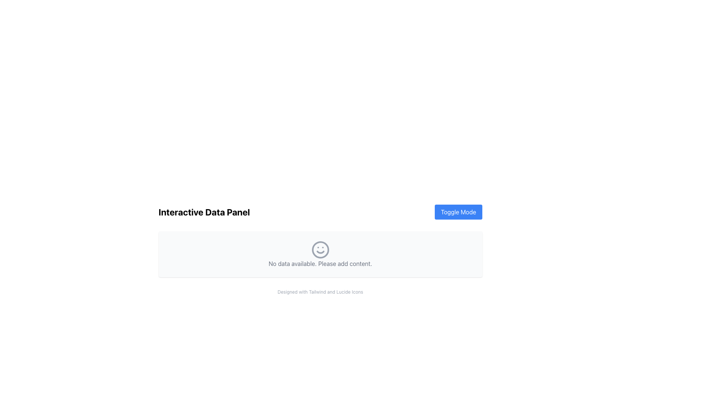  Describe the element at coordinates (458, 212) in the screenshot. I see `the toggle button located in the upper-right corner of the Interactive Data Panel to switch modes` at that location.